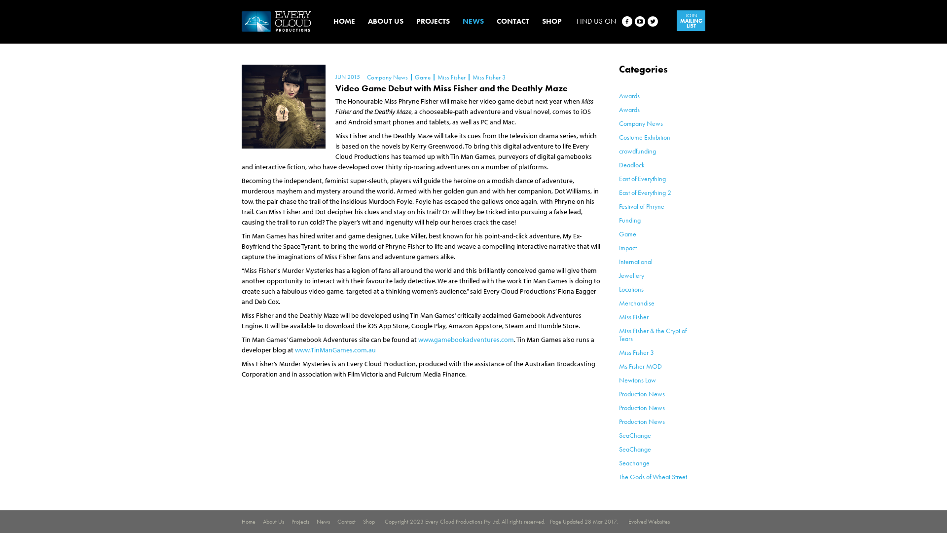 The width and height of the screenshot is (947, 533). I want to click on 'Projects', so click(300, 521).